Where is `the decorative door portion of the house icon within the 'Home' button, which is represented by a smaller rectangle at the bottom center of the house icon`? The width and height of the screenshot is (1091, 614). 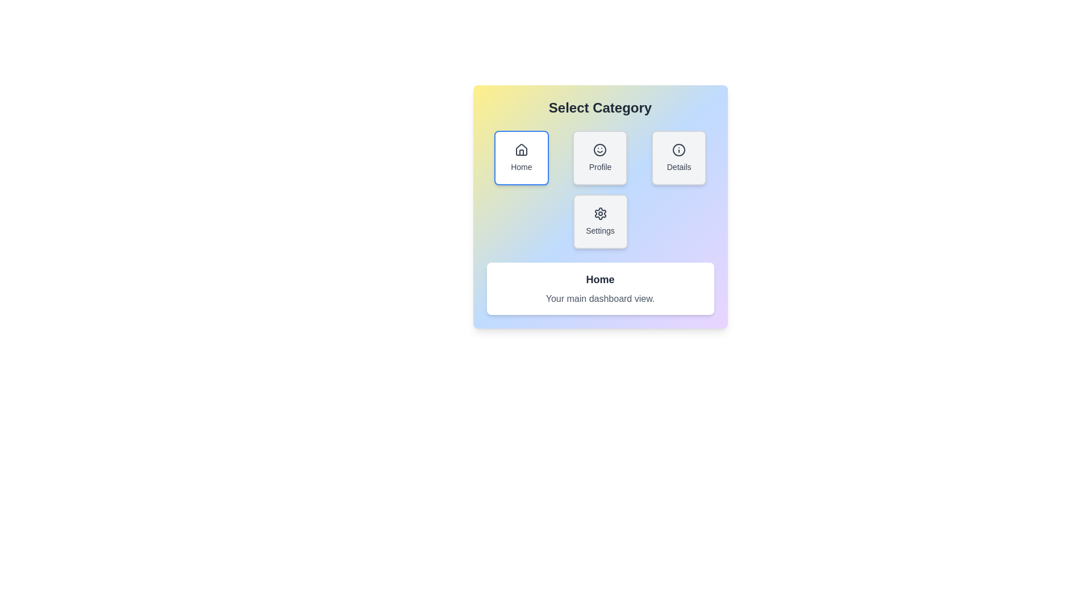 the decorative door portion of the house icon within the 'Home' button, which is represented by a smaller rectangle at the bottom center of the house icon is located at coordinates (520, 152).